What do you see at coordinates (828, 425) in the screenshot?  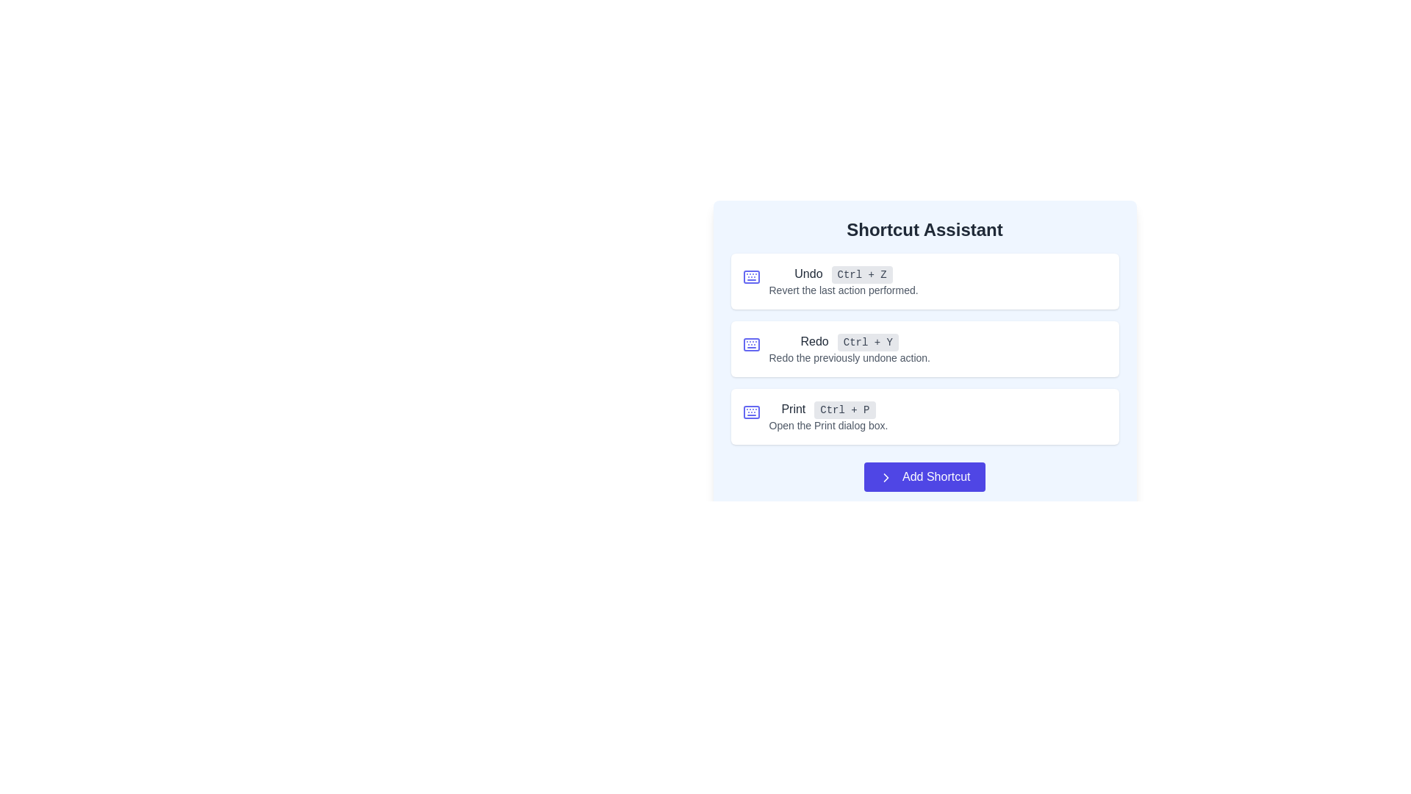 I see `the static text displaying 'Open the Print dialog box.' which is positioned below the shortcut 'Ctrl + P' in the 'Shortcut Assistant' window` at bounding box center [828, 425].